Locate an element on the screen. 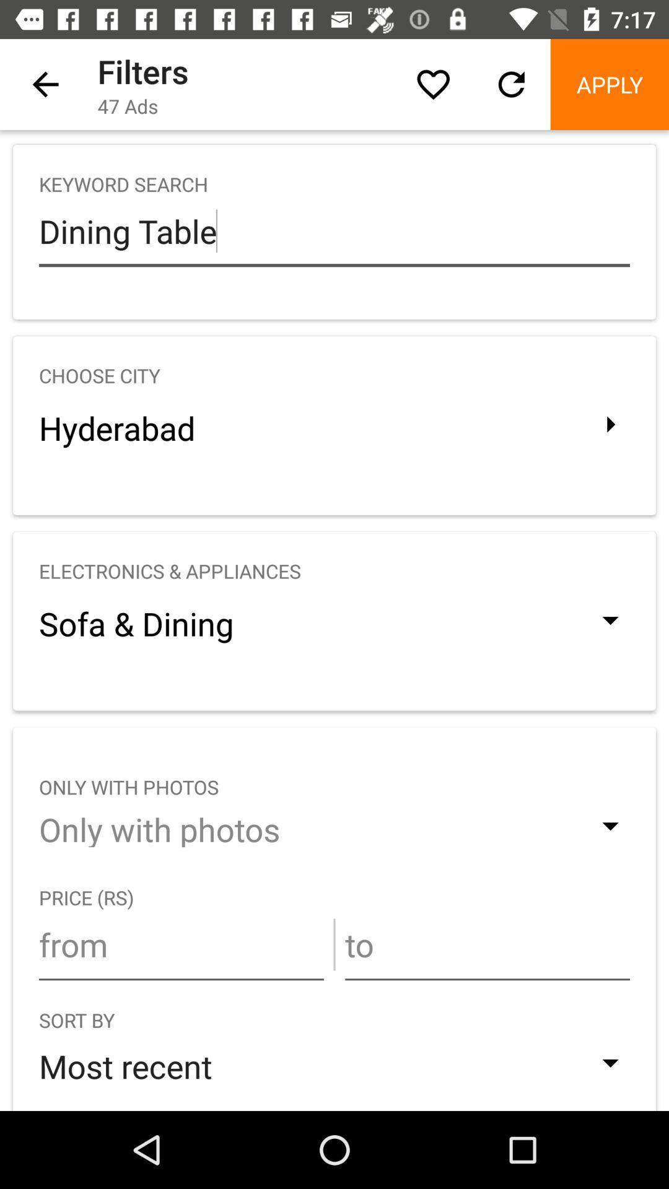  item above the keyword search is located at coordinates (432, 84).